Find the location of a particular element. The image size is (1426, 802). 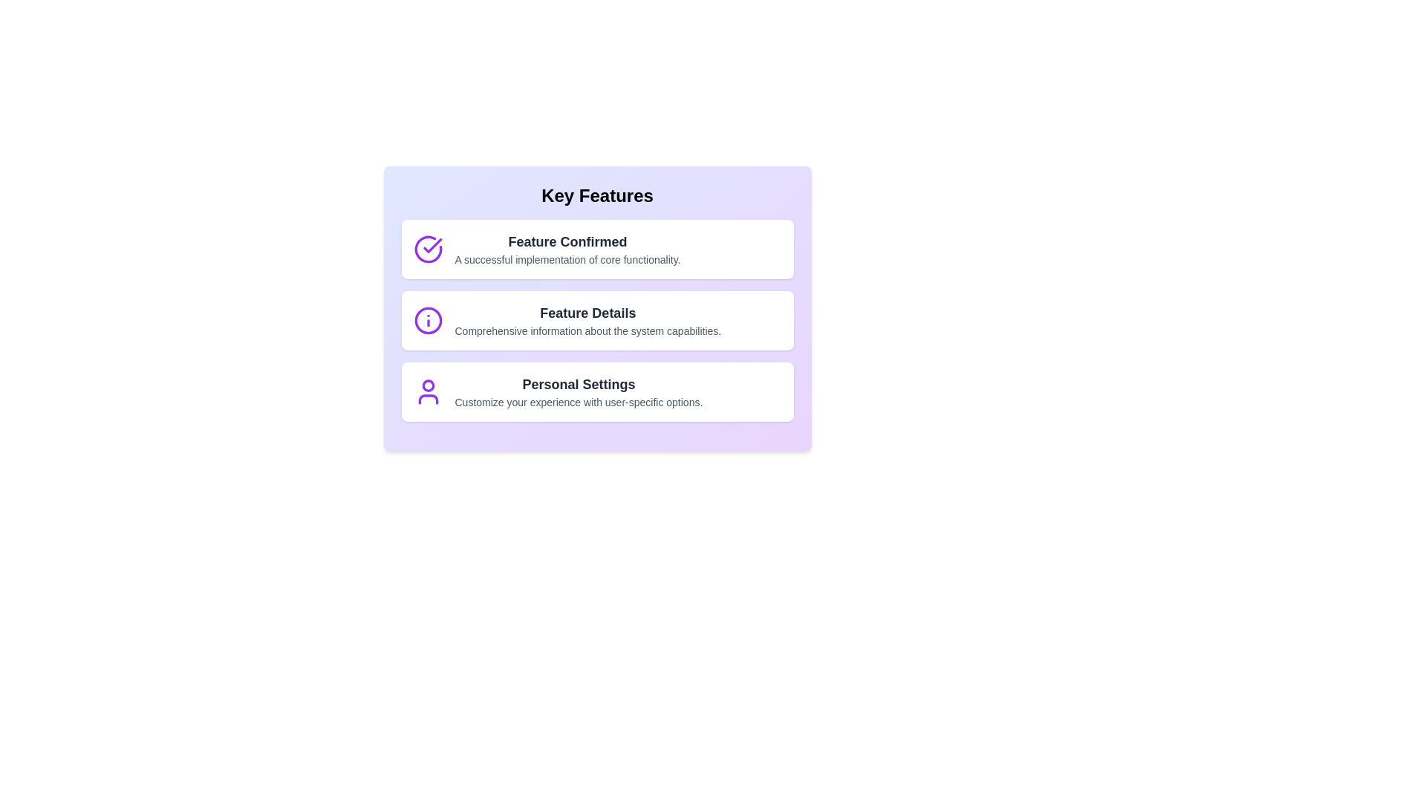

the feature item corresponding to Feature Confirmed is located at coordinates (597, 248).